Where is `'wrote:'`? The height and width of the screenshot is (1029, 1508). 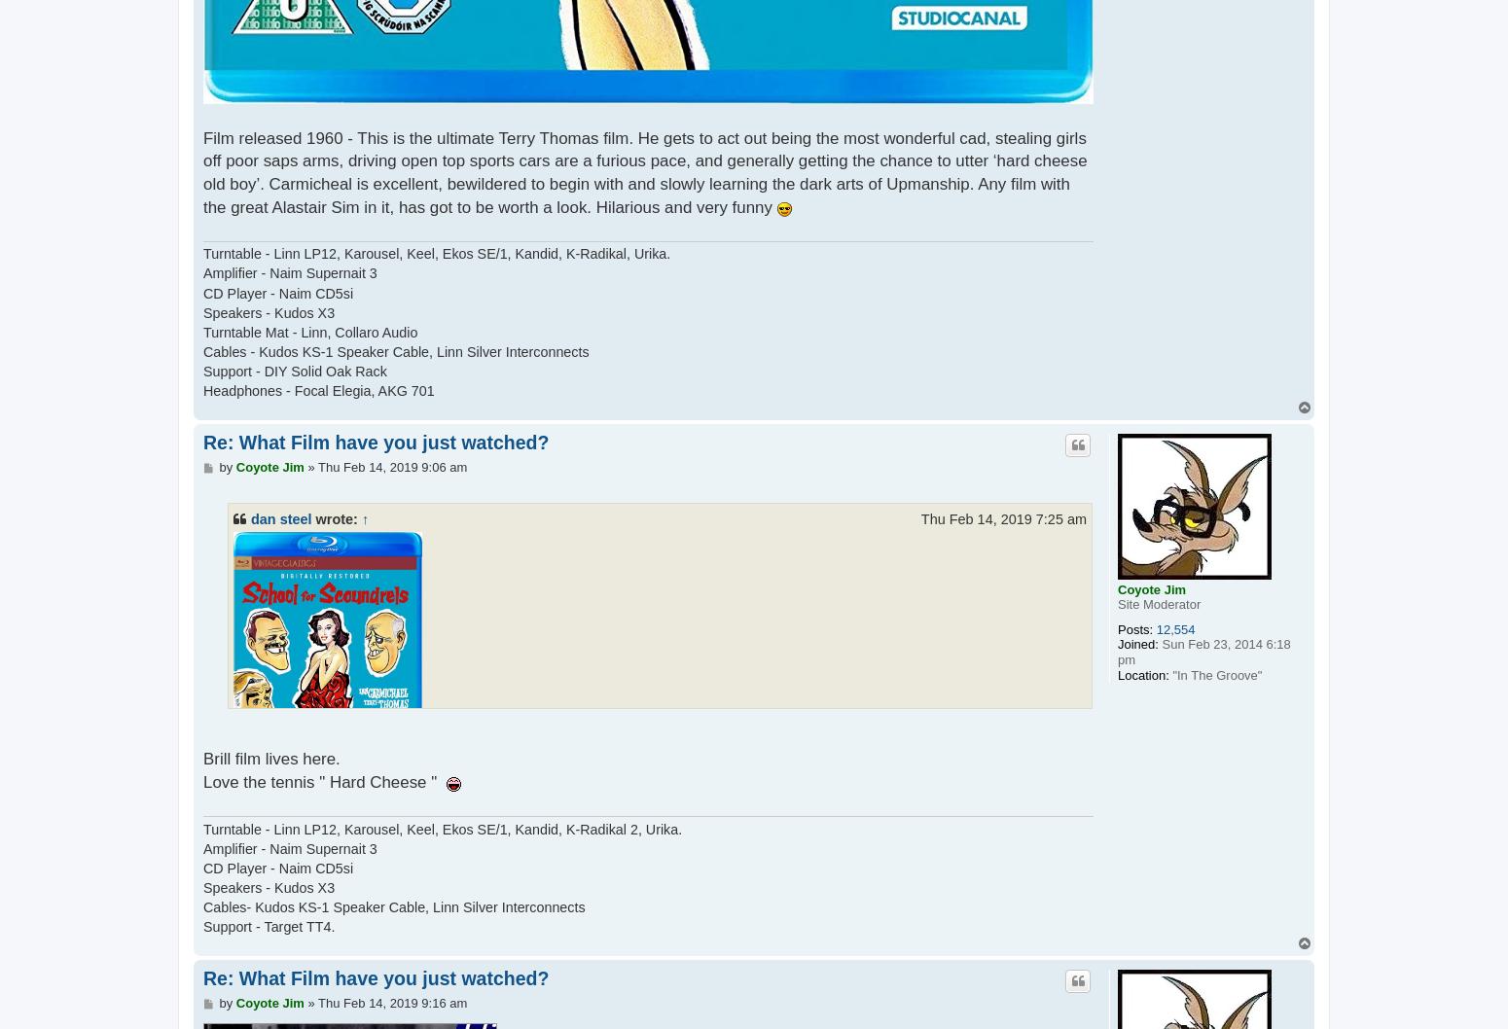
'wrote:' is located at coordinates (335, 518).